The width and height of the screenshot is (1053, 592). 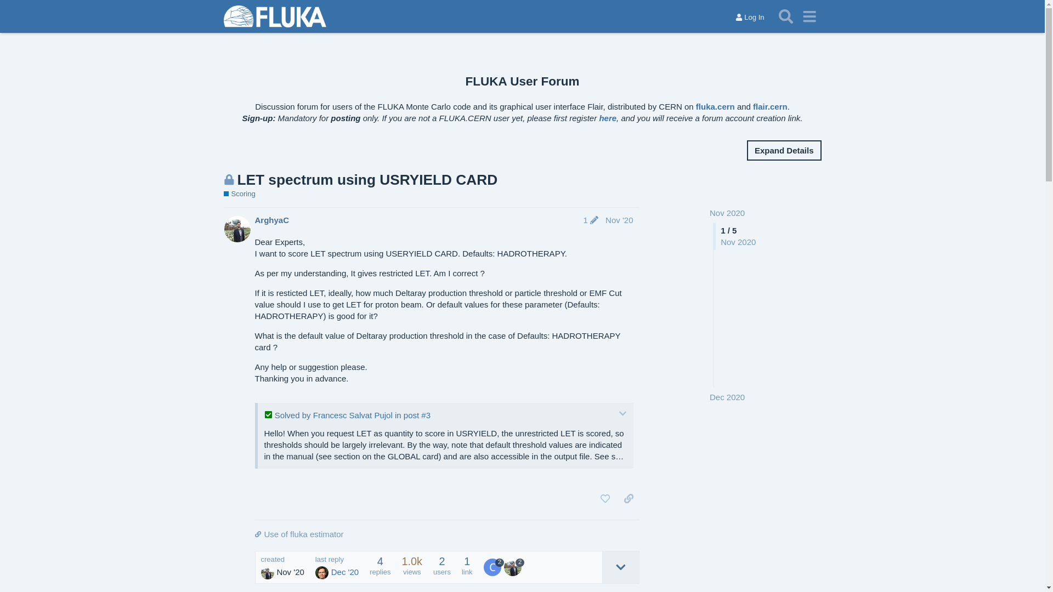 What do you see at coordinates (239, 193) in the screenshot?
I see `'Scoring'` at bounding box center [239, 193].